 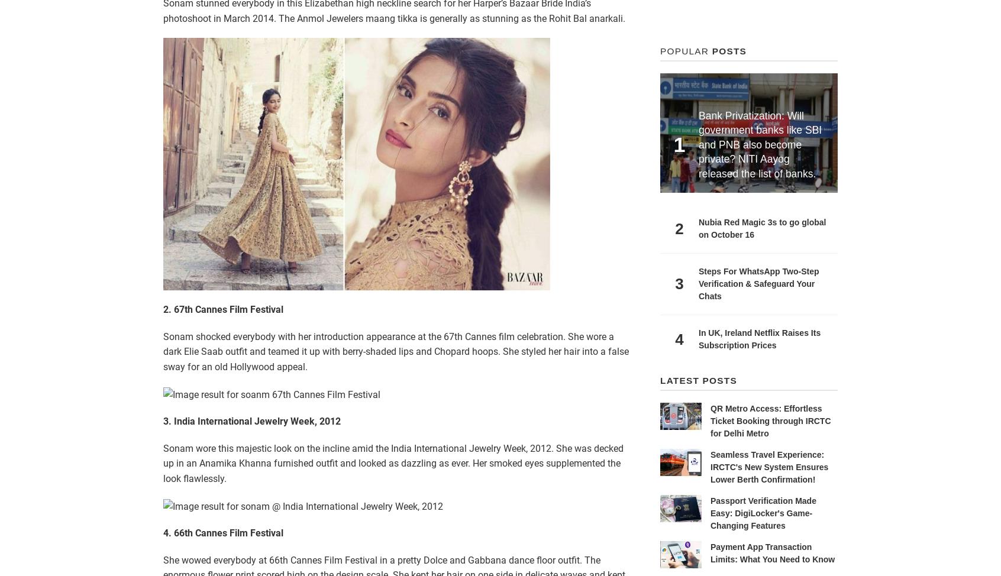 What do you see at coordinates (768, 466) in the screenshot?
I see `'Seamless Travel Experience: IRCTC's New System Ensures Lower Berth Confirmation!'` at bounding box center [768, 466].